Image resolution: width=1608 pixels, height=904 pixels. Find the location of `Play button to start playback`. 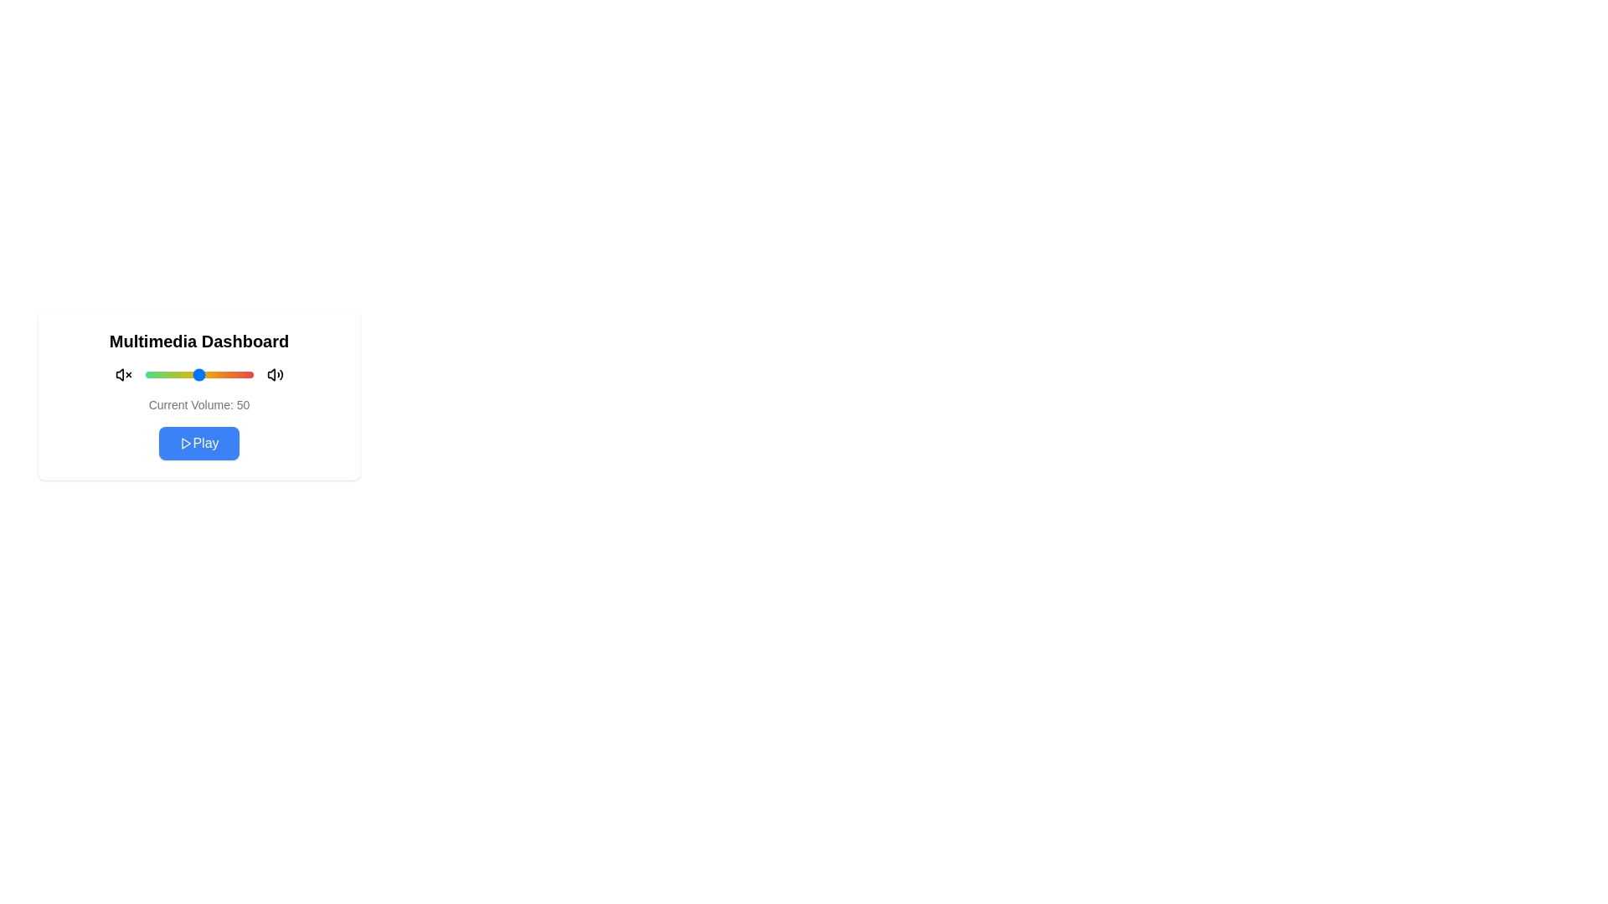

Play button to start playback is located at coordinates (199, 442).